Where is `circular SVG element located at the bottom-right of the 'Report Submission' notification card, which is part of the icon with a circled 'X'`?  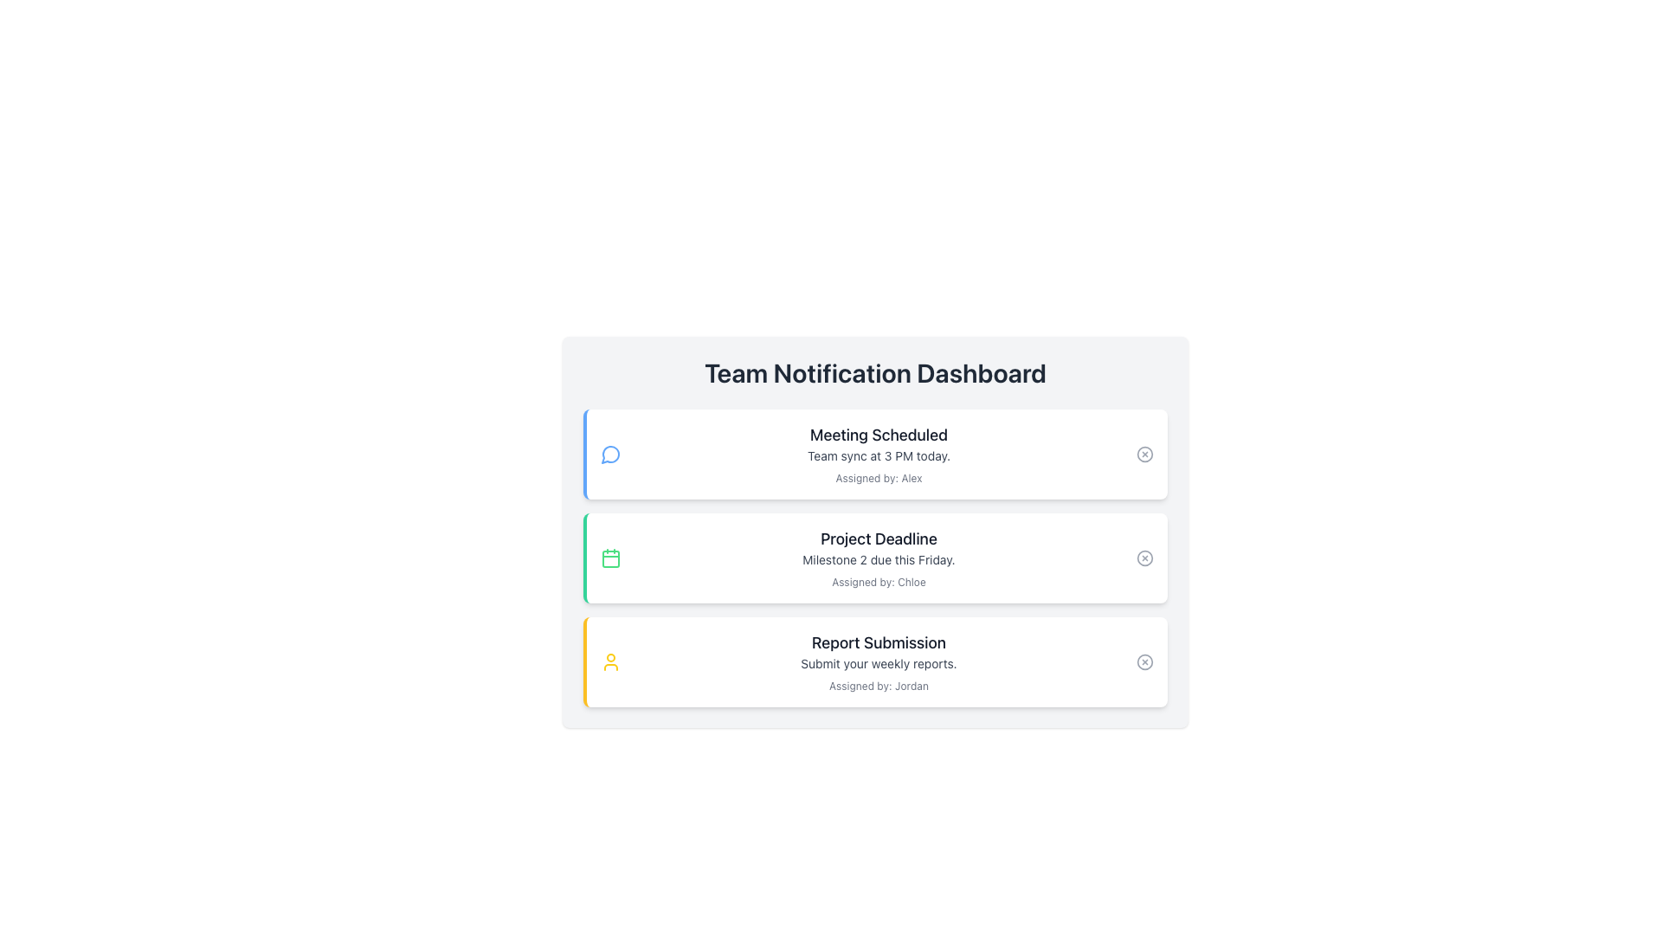
circular SVG element located at the bottom-right of the 'Report Submission' notification card, which is part of the icon with a circled 'X' is located at coordinates (1145, 661).